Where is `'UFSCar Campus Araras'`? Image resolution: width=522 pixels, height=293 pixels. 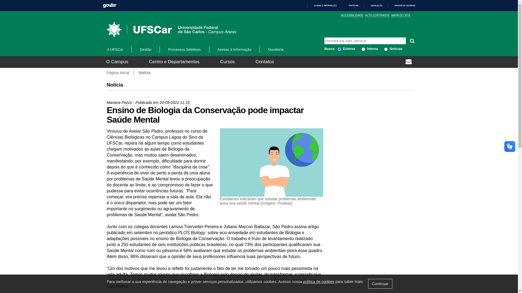
'UFSCar Campus Araras' is located at coordinates (171, 29).